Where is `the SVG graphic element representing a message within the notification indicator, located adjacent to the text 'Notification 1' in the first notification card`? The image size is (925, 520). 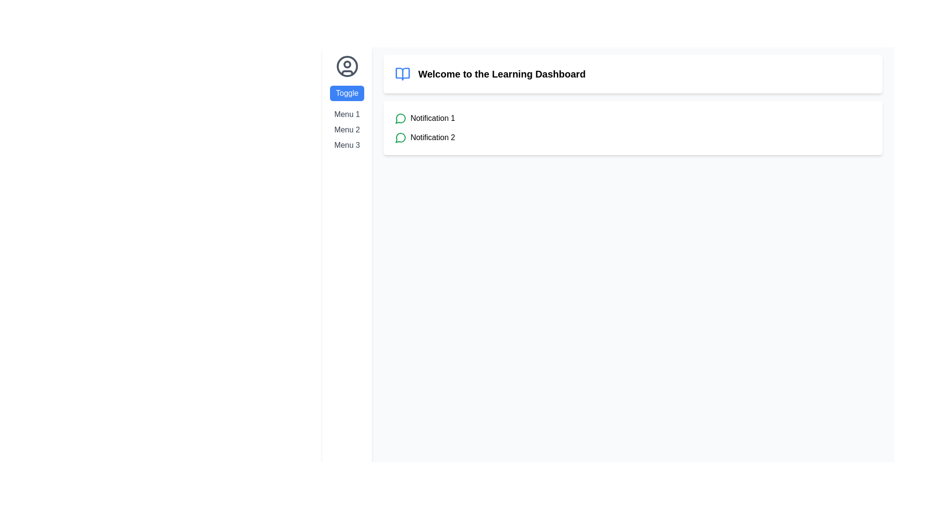 the SVG graphic element representing a message within the notification indicator, located adjacent to the text 'Notification 1' in the first notification card is located at coordinates (400, 138).